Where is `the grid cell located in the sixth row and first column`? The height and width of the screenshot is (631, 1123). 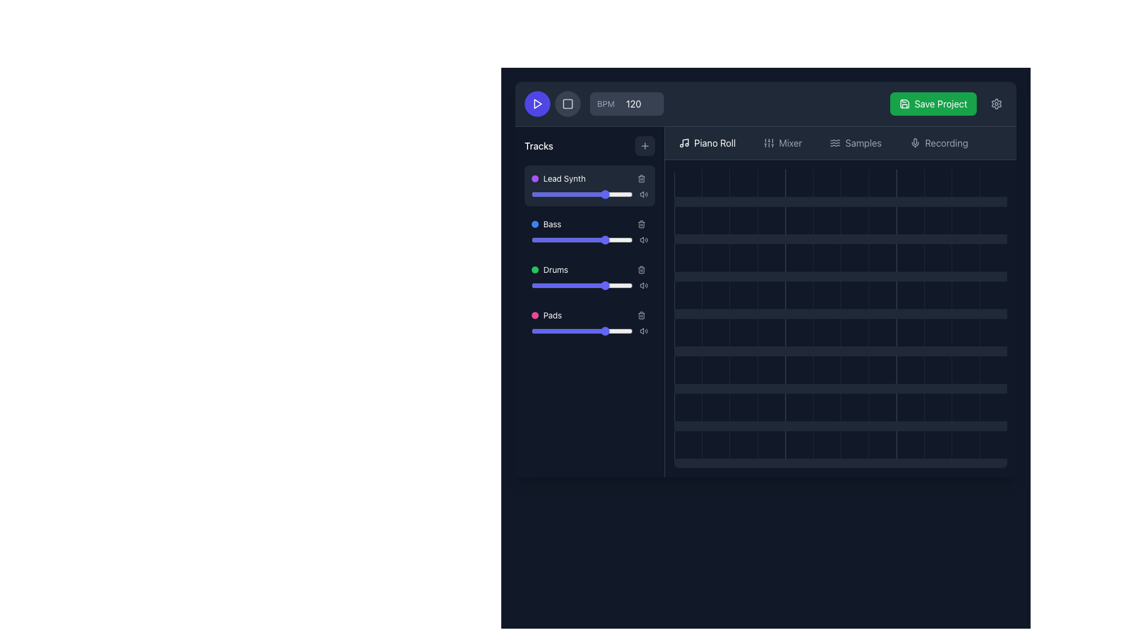 the grid cell located in the sixth row and first column is located at coordinates (688, 332).